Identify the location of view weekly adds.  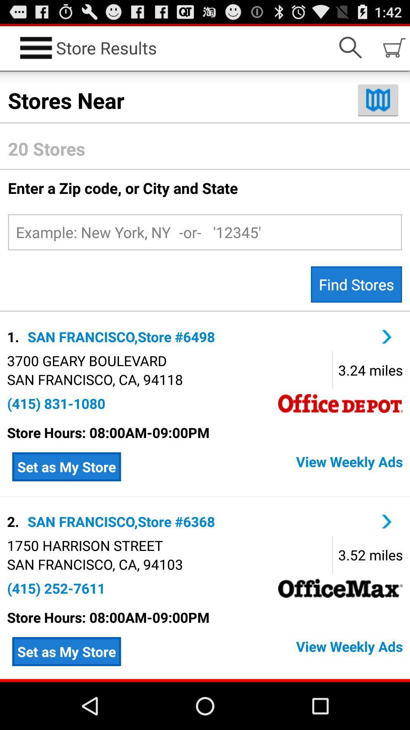
(264, 651).